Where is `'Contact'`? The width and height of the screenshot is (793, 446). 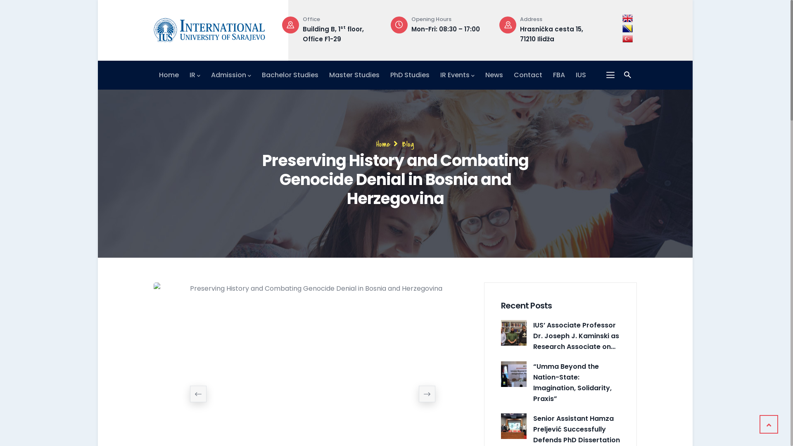 'Contact' is located at coordinates (527, 75).